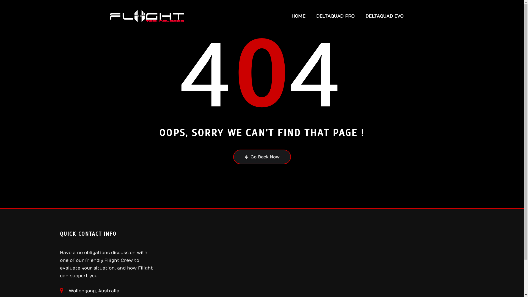  What do you see at coordinates (286, 16) in the screenshot?
I see `'HOME'` at bounding box center [286, 16].